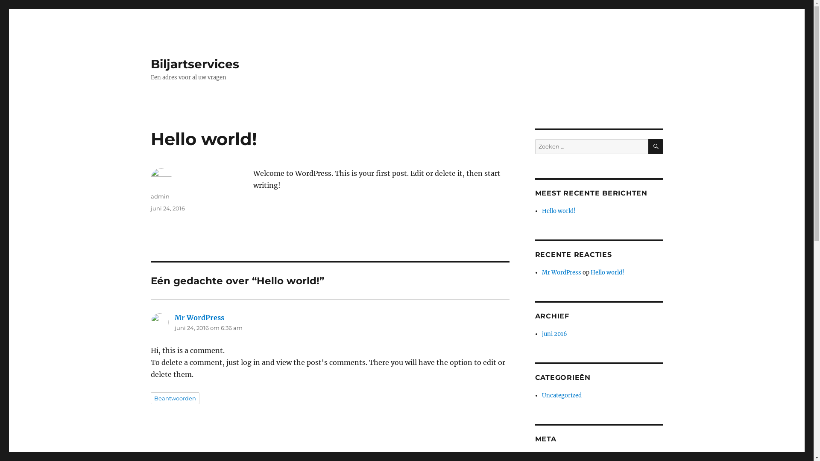  I want to click on 'ZOEKEN', so click(655, 146).